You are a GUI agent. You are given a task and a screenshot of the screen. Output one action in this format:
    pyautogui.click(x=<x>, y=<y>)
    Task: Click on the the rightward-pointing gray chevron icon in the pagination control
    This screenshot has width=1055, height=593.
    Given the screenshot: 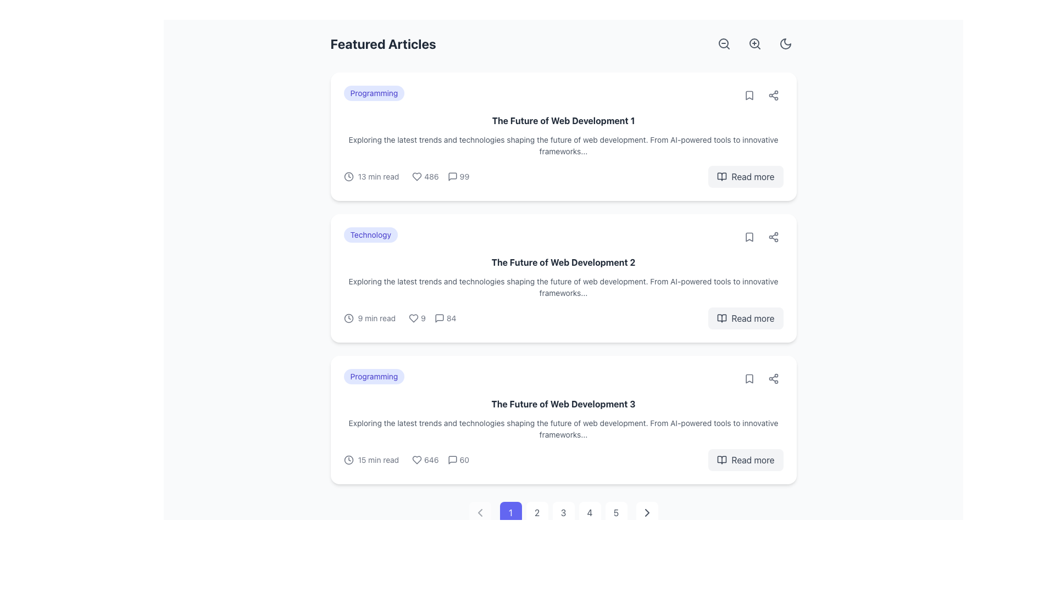 What is the action you would take?
    pyautogui.click(x=647, y=512)
    